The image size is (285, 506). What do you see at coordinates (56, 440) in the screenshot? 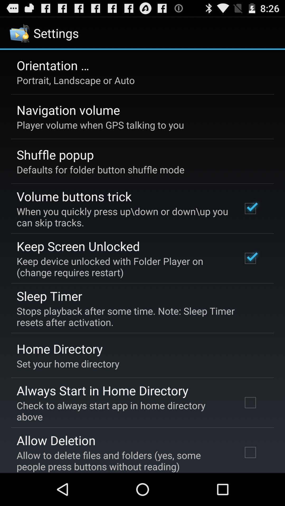
I see `the item below check to always app` at bounding box center [56, 440].